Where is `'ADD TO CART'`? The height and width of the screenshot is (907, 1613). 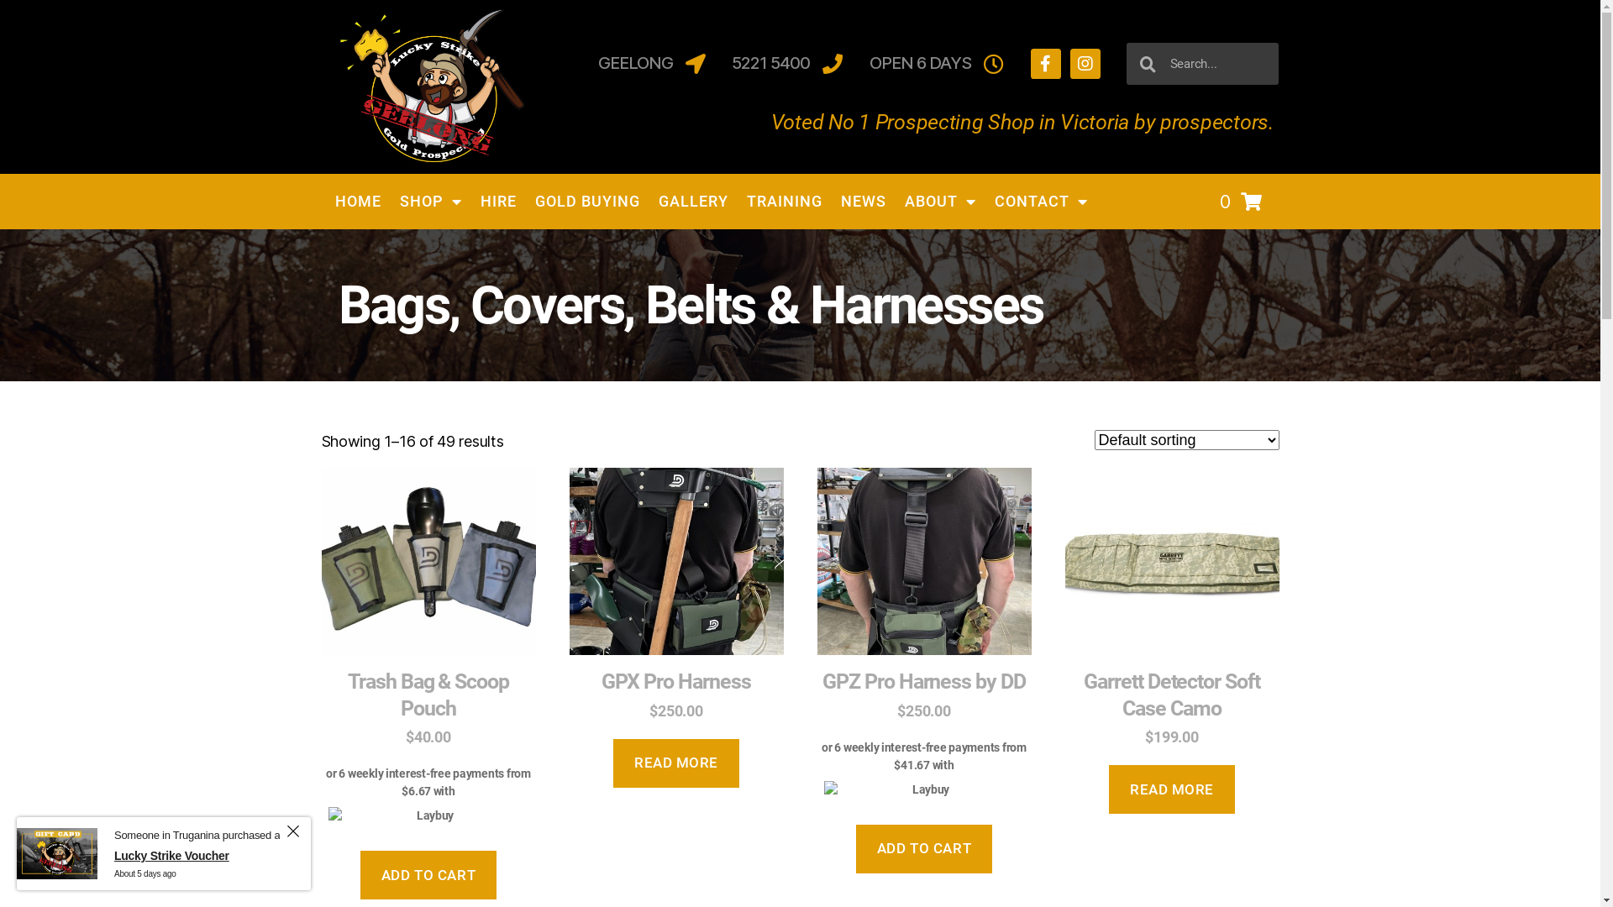
'ADD TO CART' is located at coordinates (428, 874).